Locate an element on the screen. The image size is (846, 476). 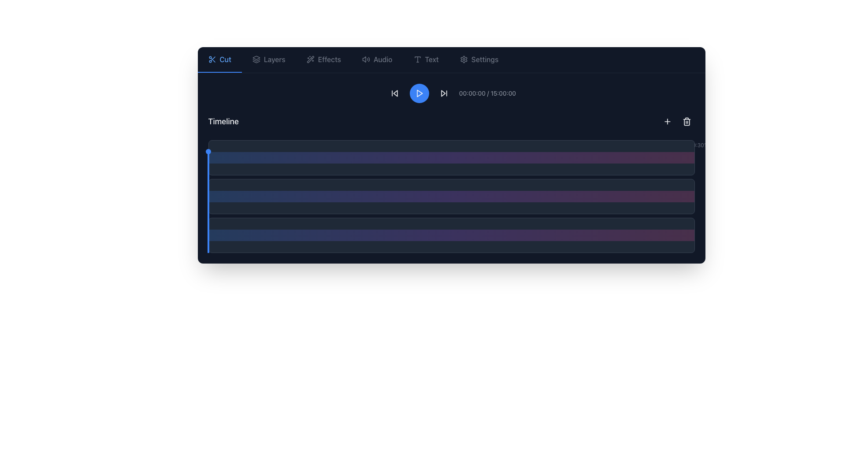
the prominent middle Gradient bar in the timeline interface is located at coordinates (451, 196).